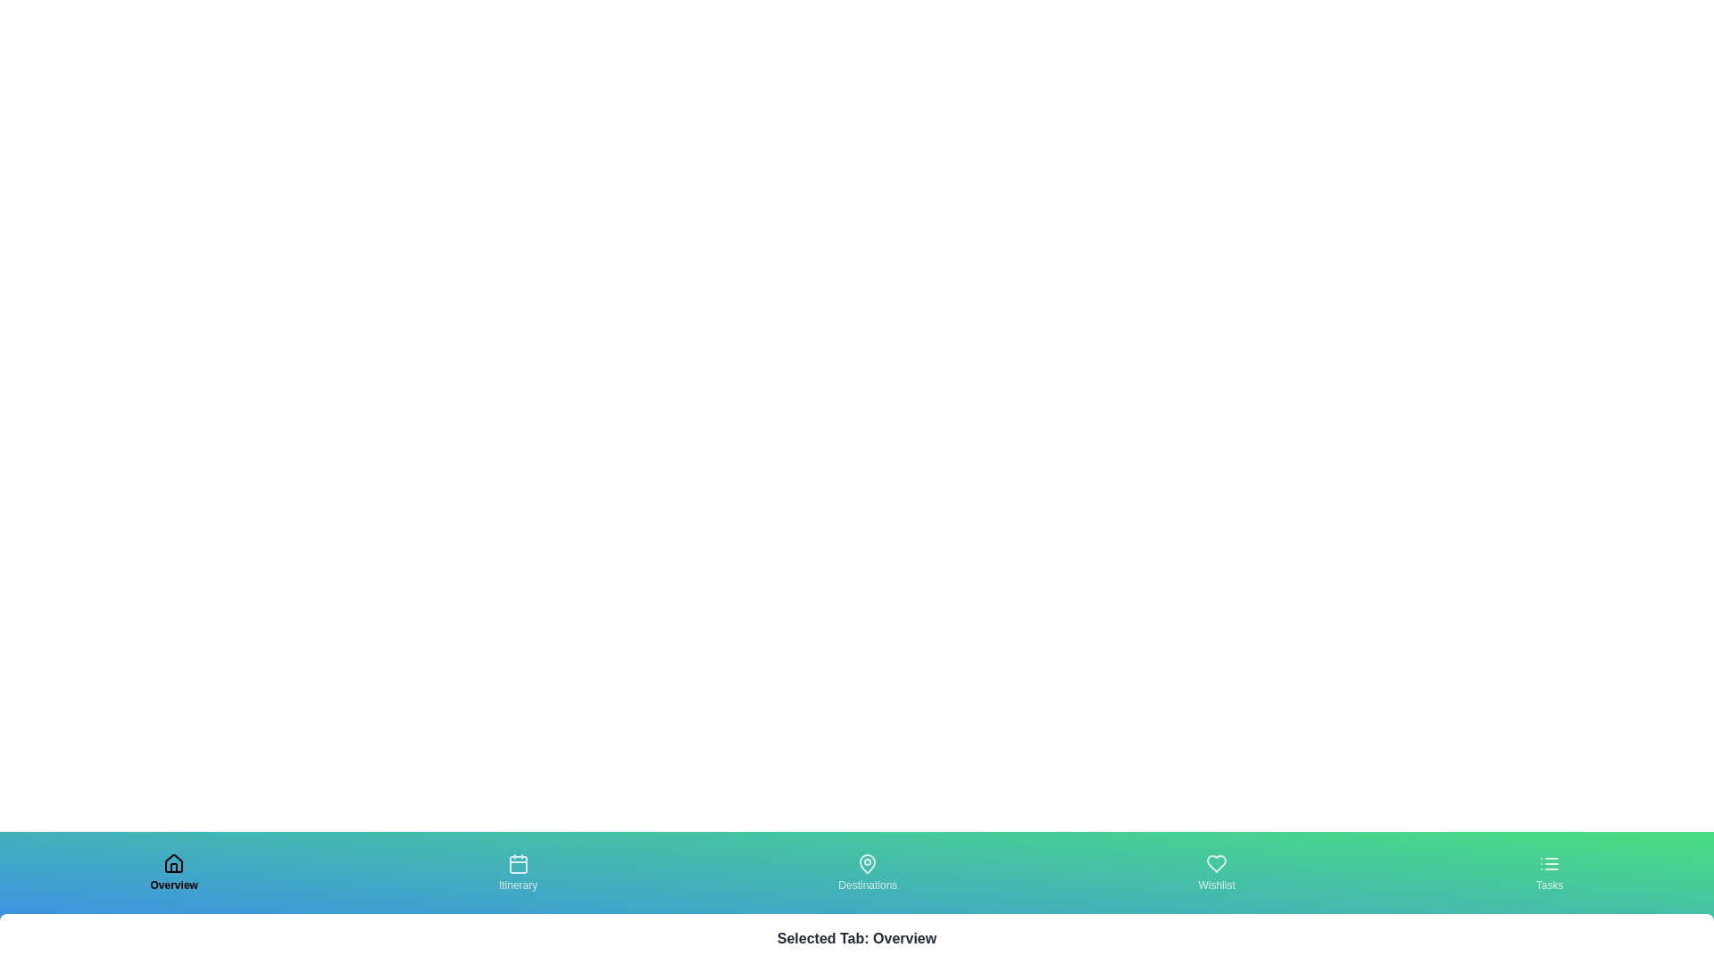  Describe the element at coordinates (174, 872) in the screenshot. I see `the tab labeled Overview` at that location.